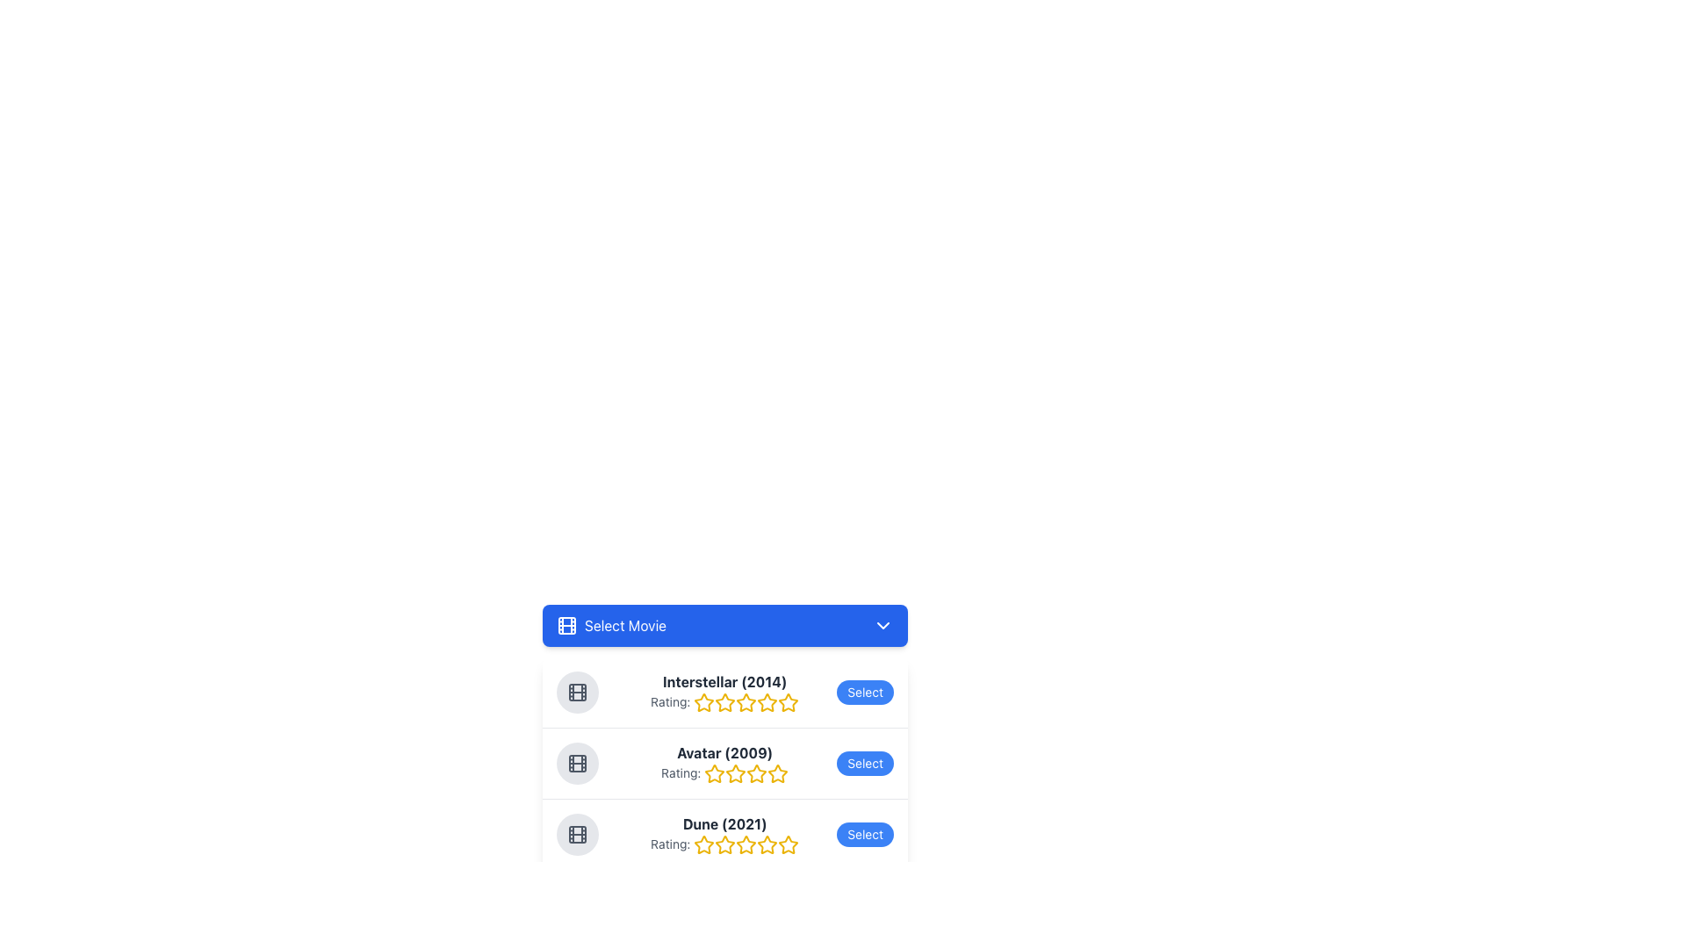 This screenshot has width=1686, height=948. I want to click on the fourth star icon in the rating section for the movie 'Interstellar (2014)', which is styled with a yellow outline, so click(788, 701).